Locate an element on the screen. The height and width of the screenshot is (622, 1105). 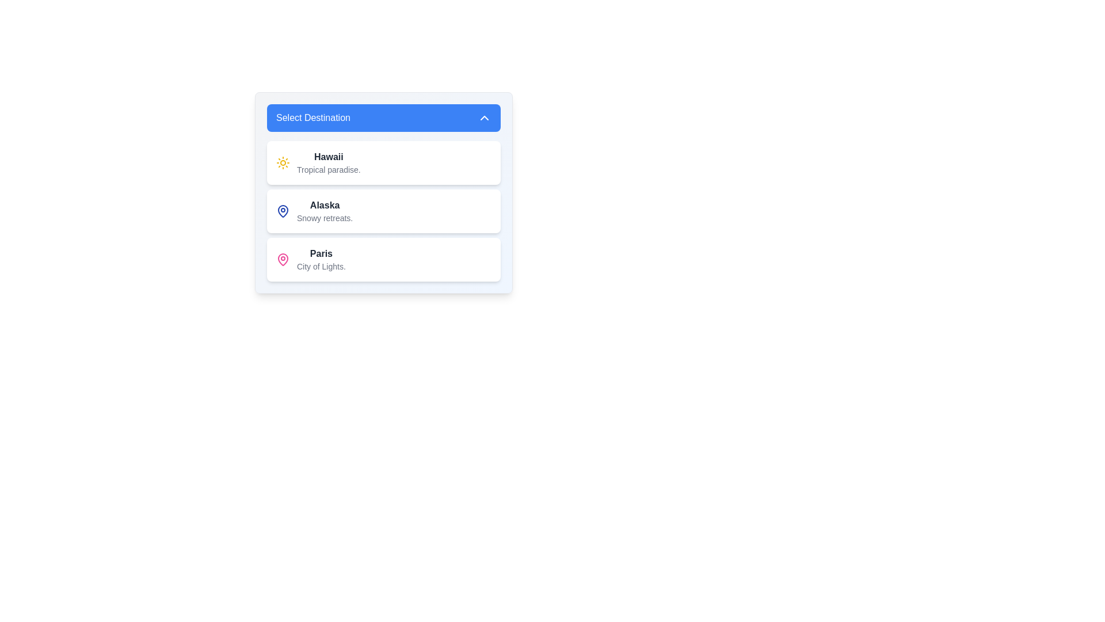
text displayed in the 'Select Destination' section titled 'Alaska' with the description 'Snowy retreats.' is located at coordinates (324, 211).